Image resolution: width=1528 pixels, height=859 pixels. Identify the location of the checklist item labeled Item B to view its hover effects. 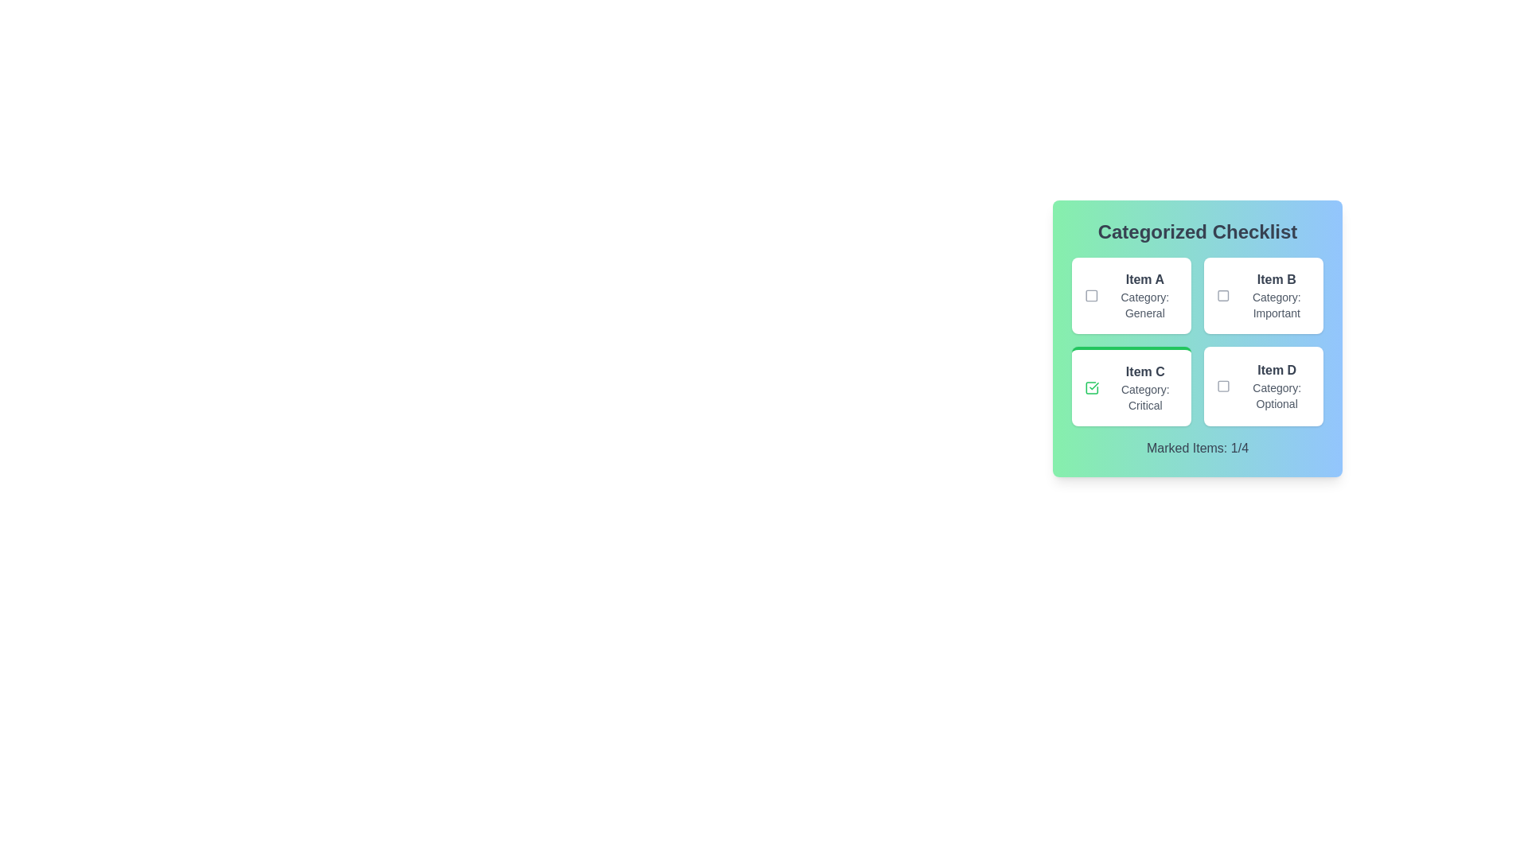
(1263, 295).